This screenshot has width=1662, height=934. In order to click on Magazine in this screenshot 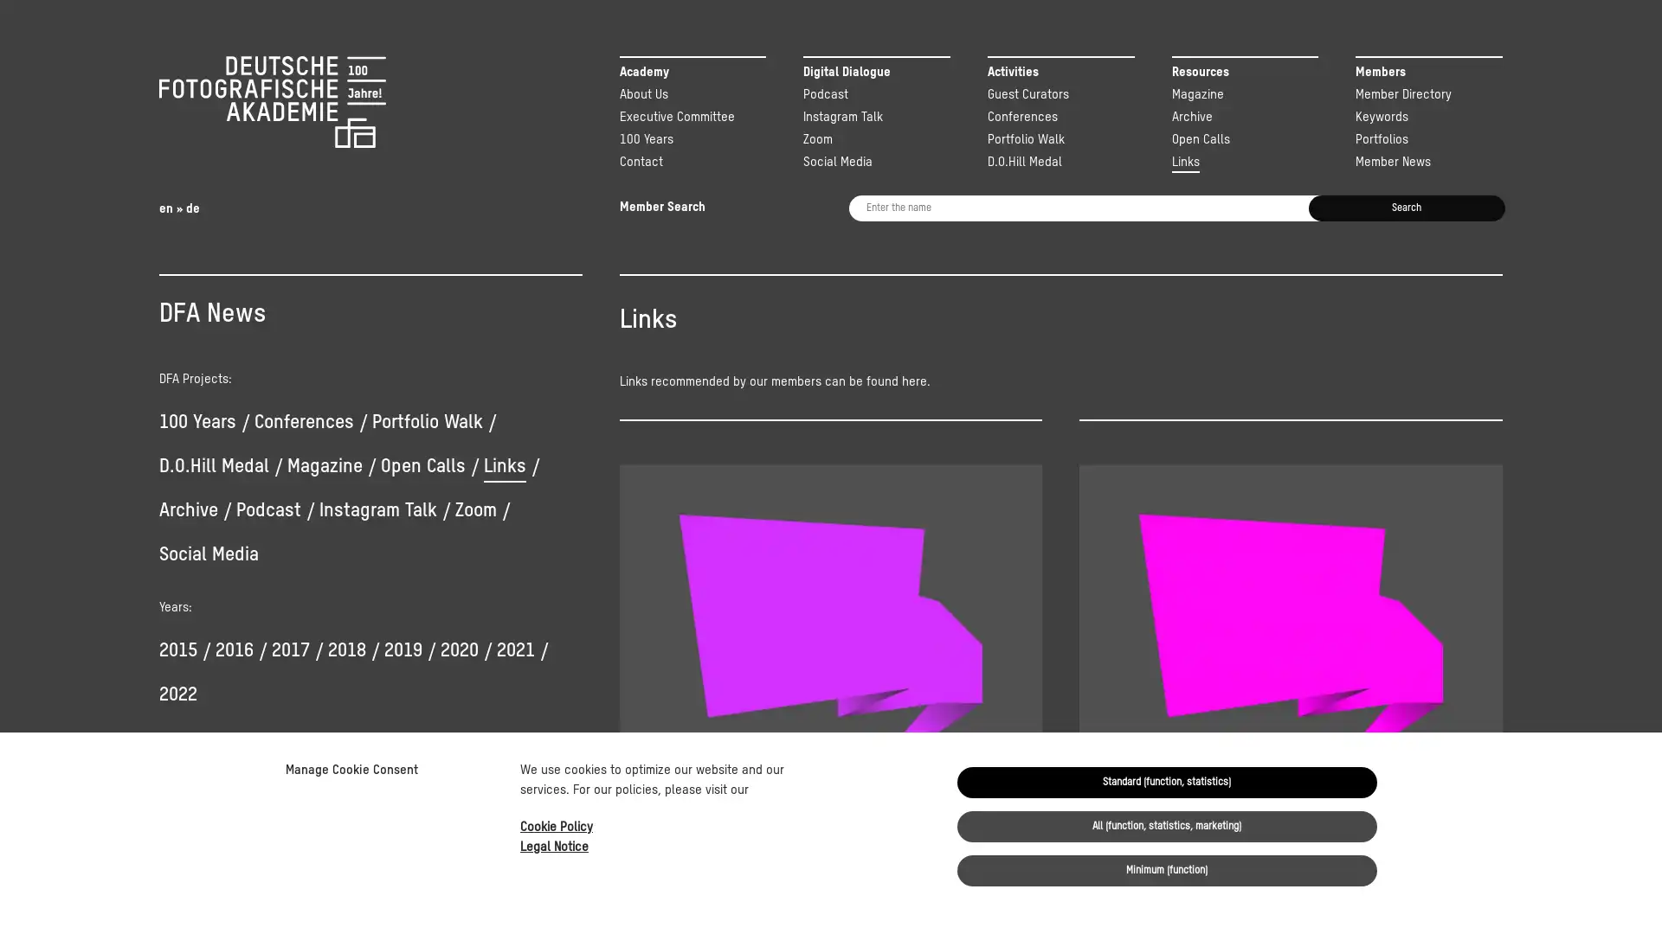, I will do `click(325, 467)`.